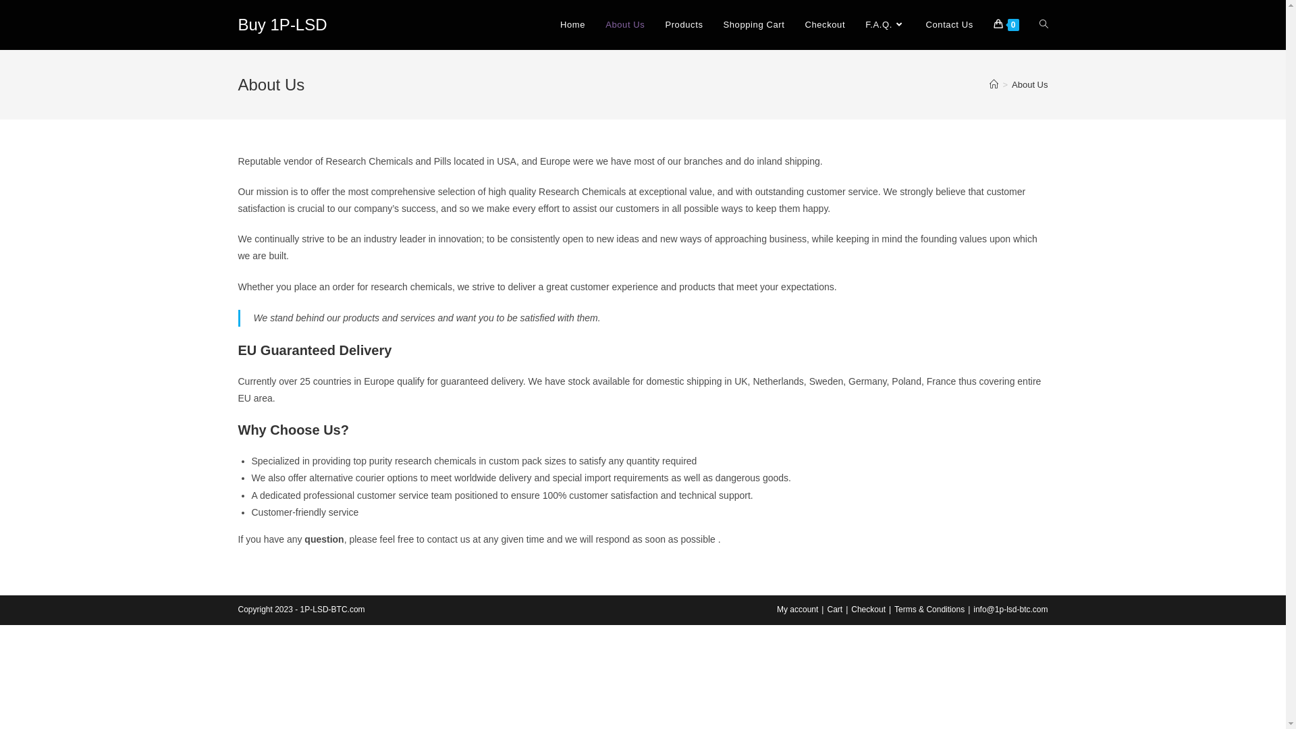 The image size is (1296, 729). What do you see at coordinates (753, 25) in the screenshot?
I see `'Shopping Cart'` at bounding box center [753, 25].